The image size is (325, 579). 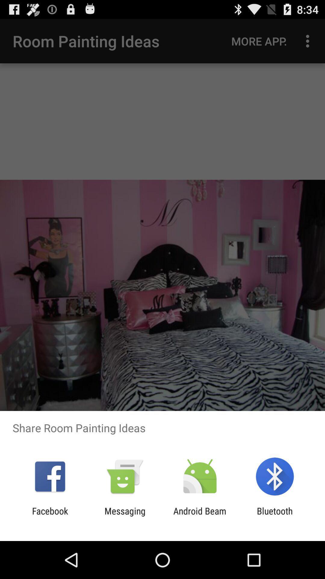 I want to click on the app next to the facebook, so click(x=125, y=516).